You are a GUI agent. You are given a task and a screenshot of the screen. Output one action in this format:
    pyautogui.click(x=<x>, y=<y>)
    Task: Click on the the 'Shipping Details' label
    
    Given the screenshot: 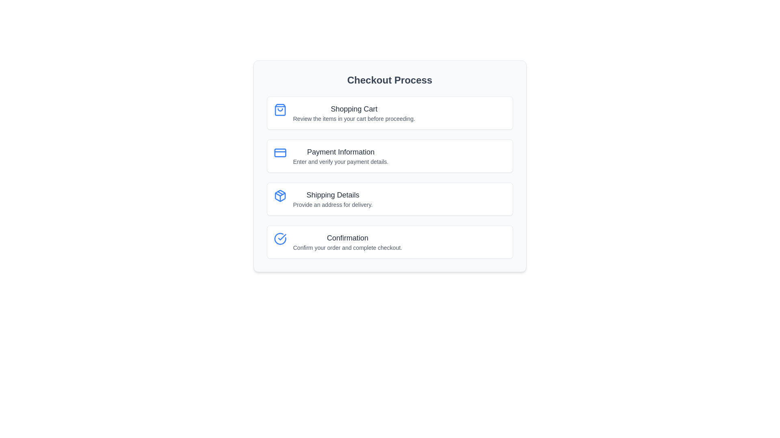 What is the action you would take?
    pyautogui.click(x=333, y=199)
    